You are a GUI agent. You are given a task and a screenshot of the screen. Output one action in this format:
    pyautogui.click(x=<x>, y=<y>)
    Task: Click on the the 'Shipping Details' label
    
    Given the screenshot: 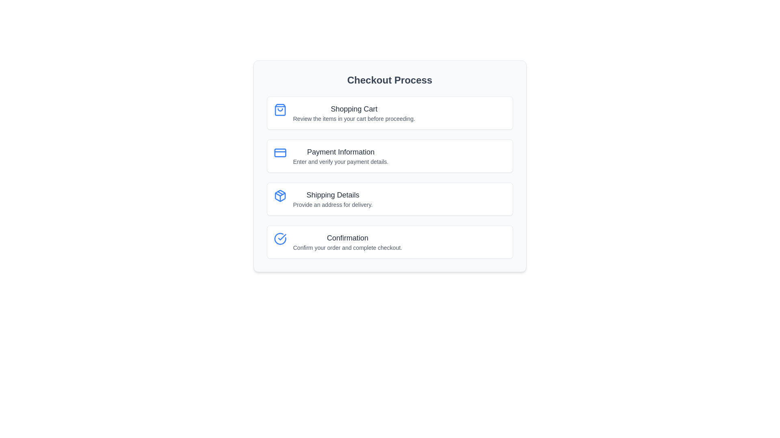 What is the action you would take?
    pyautogui.click(x=333, y=199)
    